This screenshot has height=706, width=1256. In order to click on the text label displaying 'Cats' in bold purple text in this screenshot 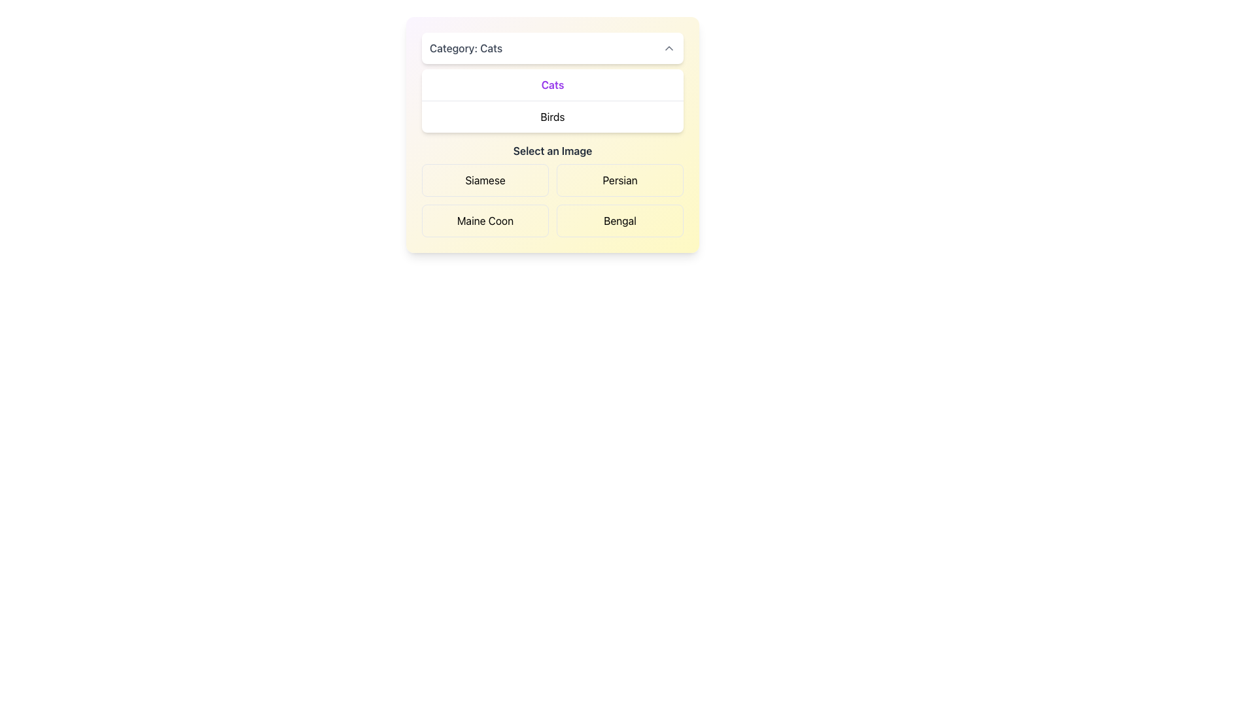, I will do `click(552, 85)`.